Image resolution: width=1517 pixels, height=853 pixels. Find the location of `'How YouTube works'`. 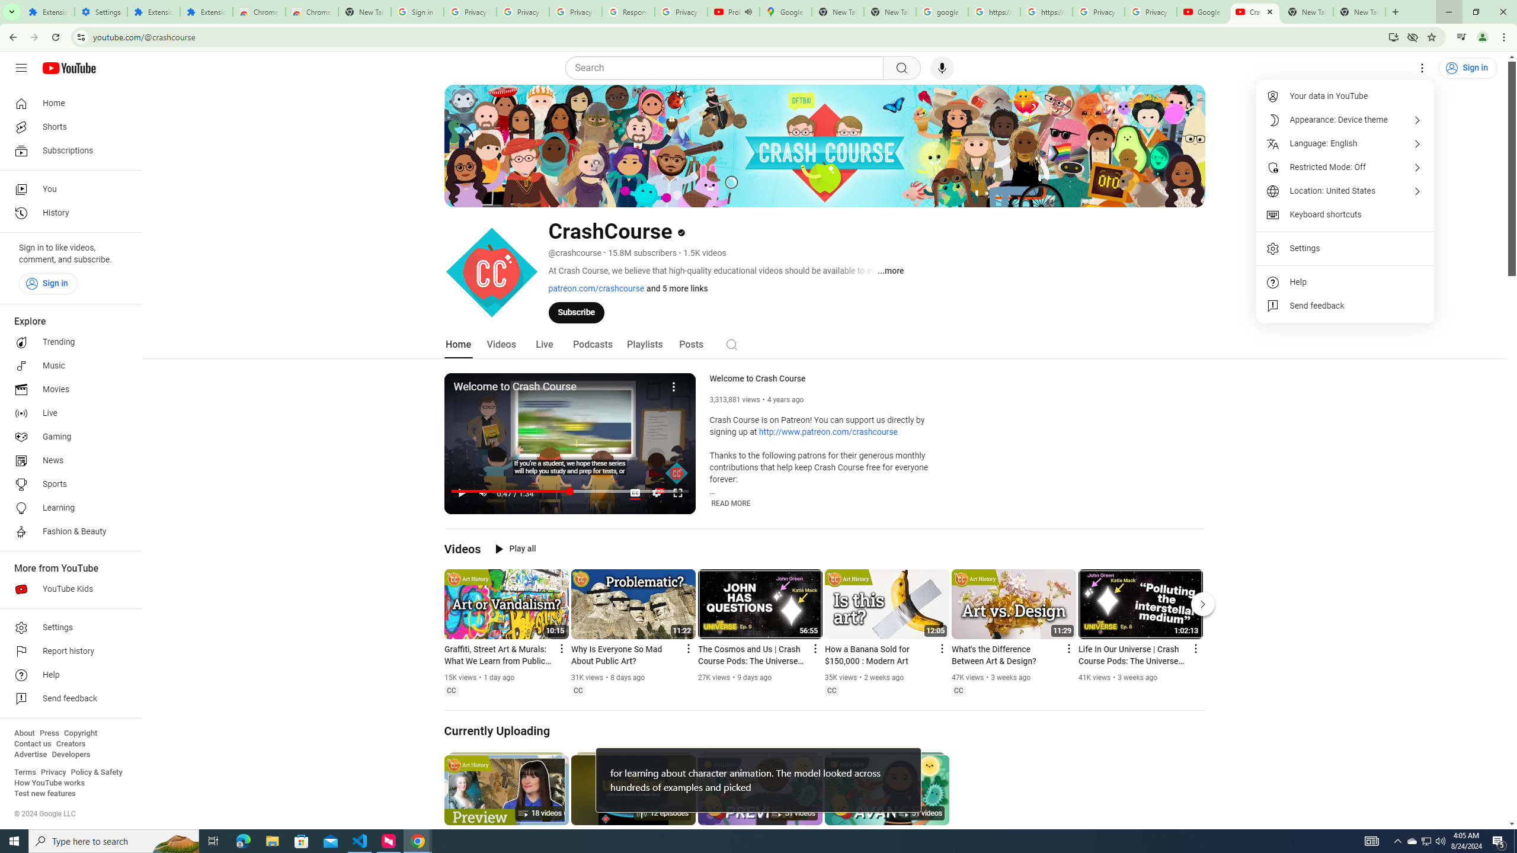

'How YouTube works' is located at coordinates (49, 783).